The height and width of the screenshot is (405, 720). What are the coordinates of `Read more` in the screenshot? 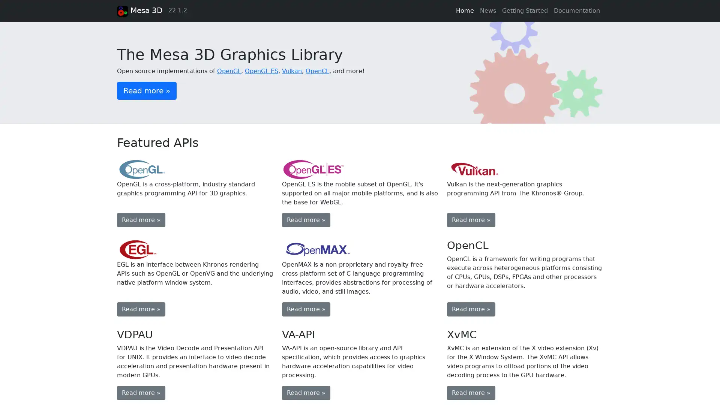 It's located at (306, 309).